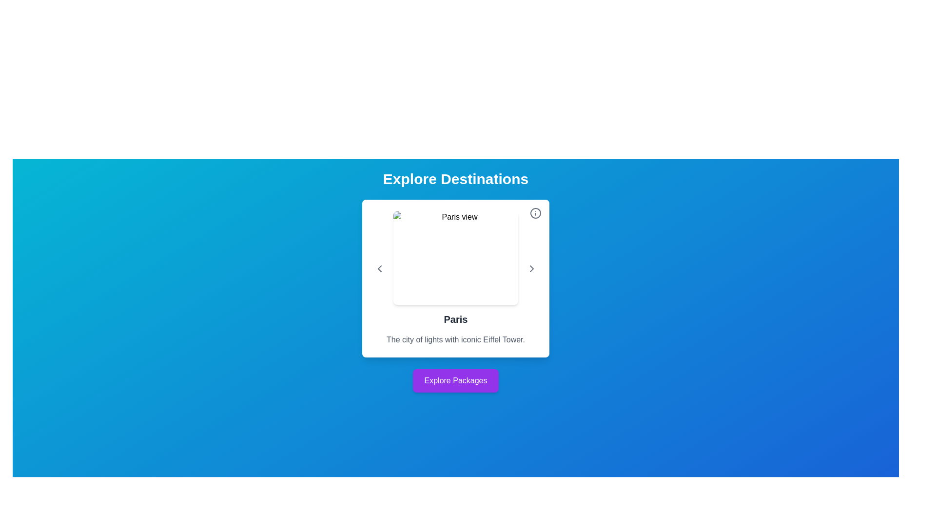 Image resolution: width=936 pixels, height=526 pixels. I want to click on the small gray left arrow button located within the card element displaying information about 'Paris', so click(379, 268).